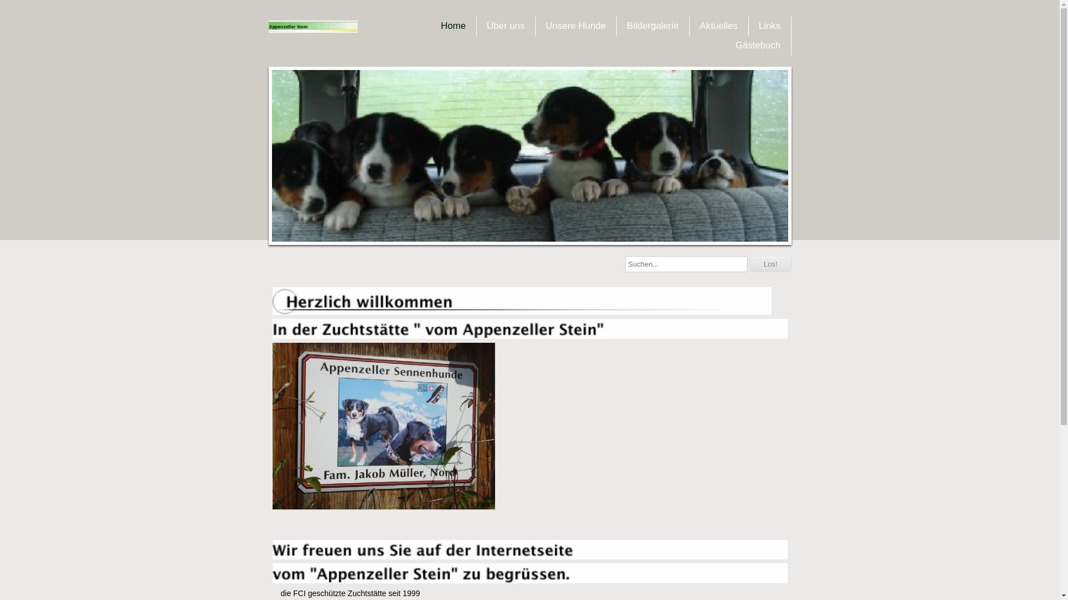 This screenshot has width=1068, height=600. Describe the element at coordinates (652, 25) in the screenshot. I see `'Bildergalerie'` at that location.